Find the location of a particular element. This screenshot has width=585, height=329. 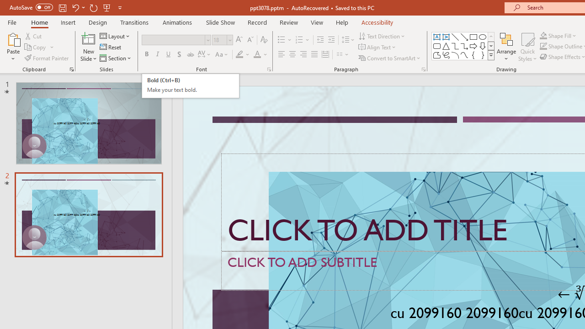

'Shapes' is located at coordinates (490, 55).